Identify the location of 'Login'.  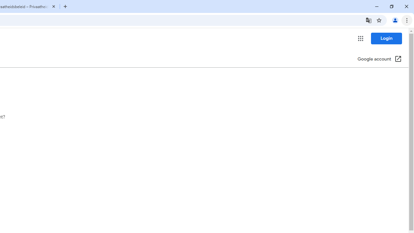
(386, 38).